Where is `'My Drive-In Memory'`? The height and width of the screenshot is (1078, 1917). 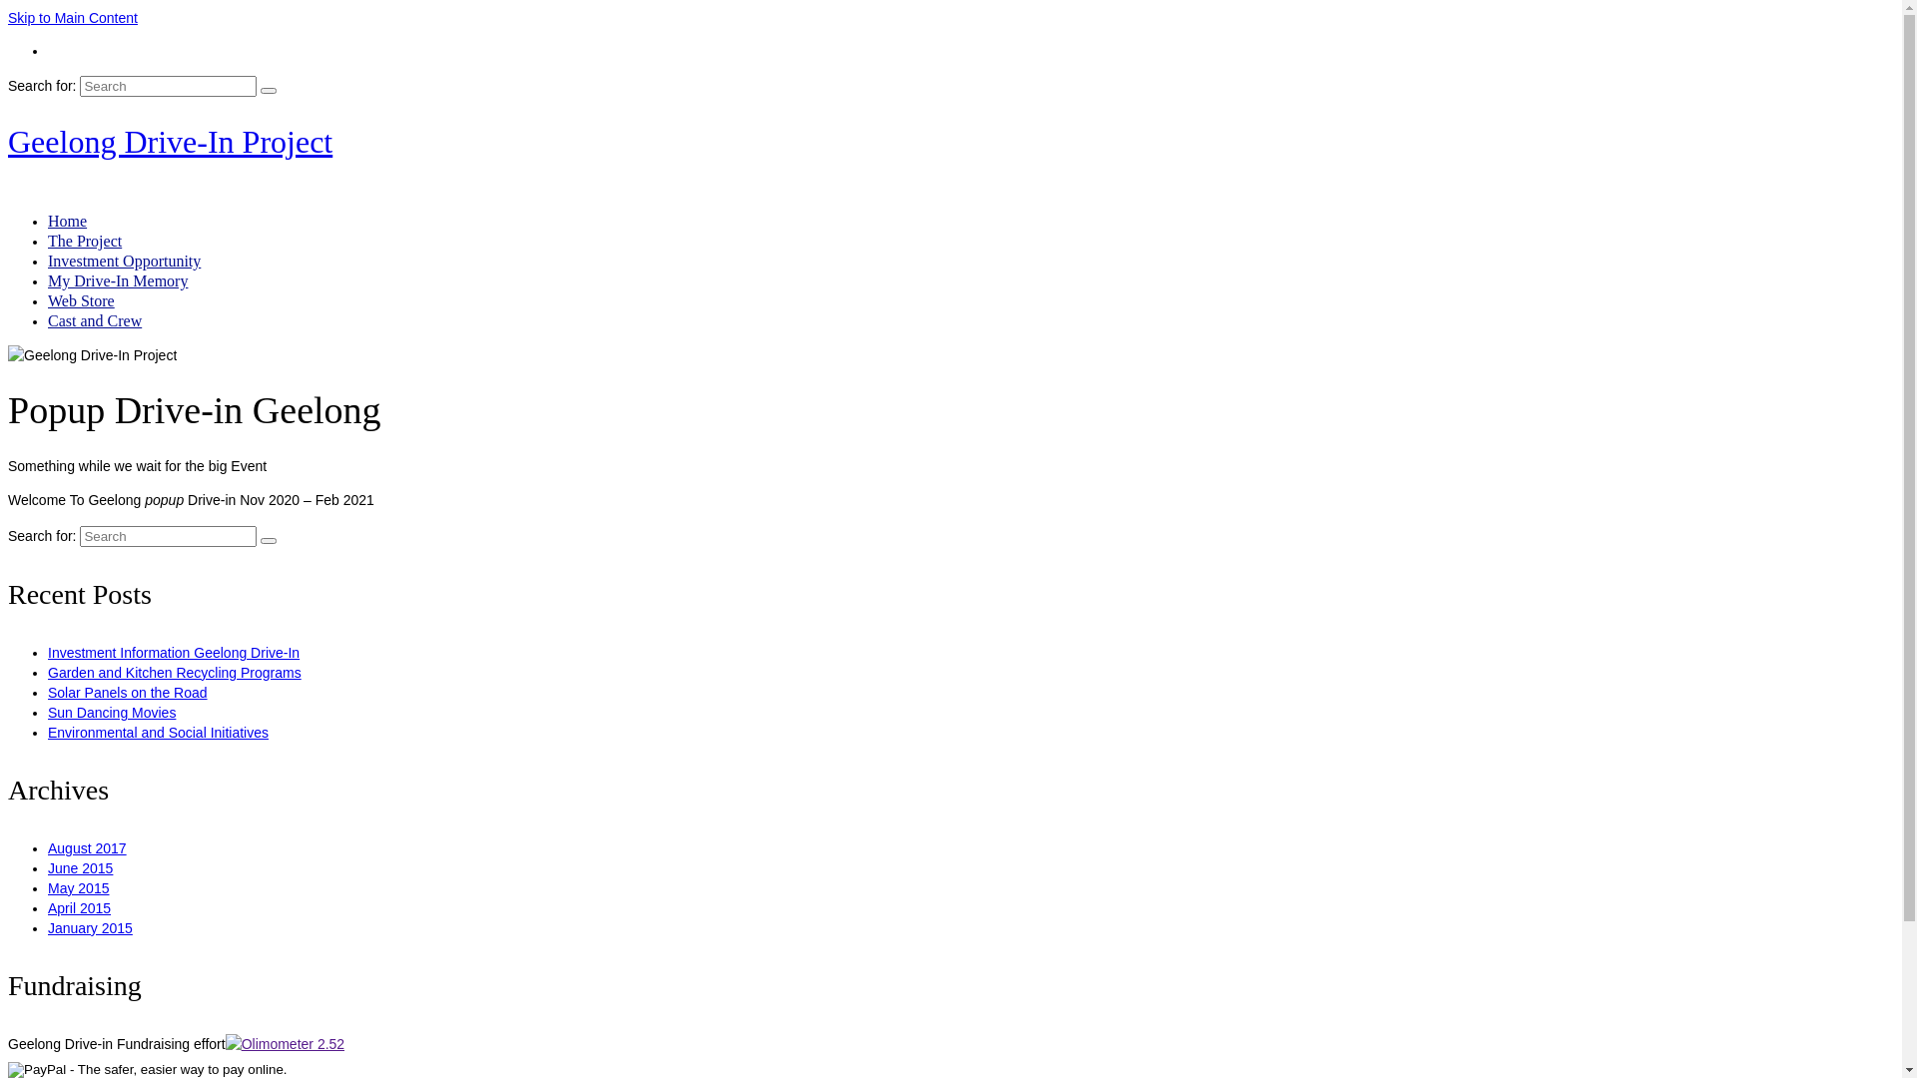
'My Drive-In Memory' is located at coordinates (48, 280).